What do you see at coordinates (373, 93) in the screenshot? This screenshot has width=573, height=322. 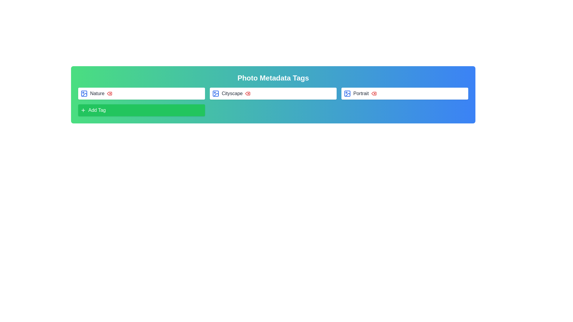 I see `the delete button located to the right of the 'Portrait' label in the third tag row of the metadata tags section` at bounding box center [373, 93].